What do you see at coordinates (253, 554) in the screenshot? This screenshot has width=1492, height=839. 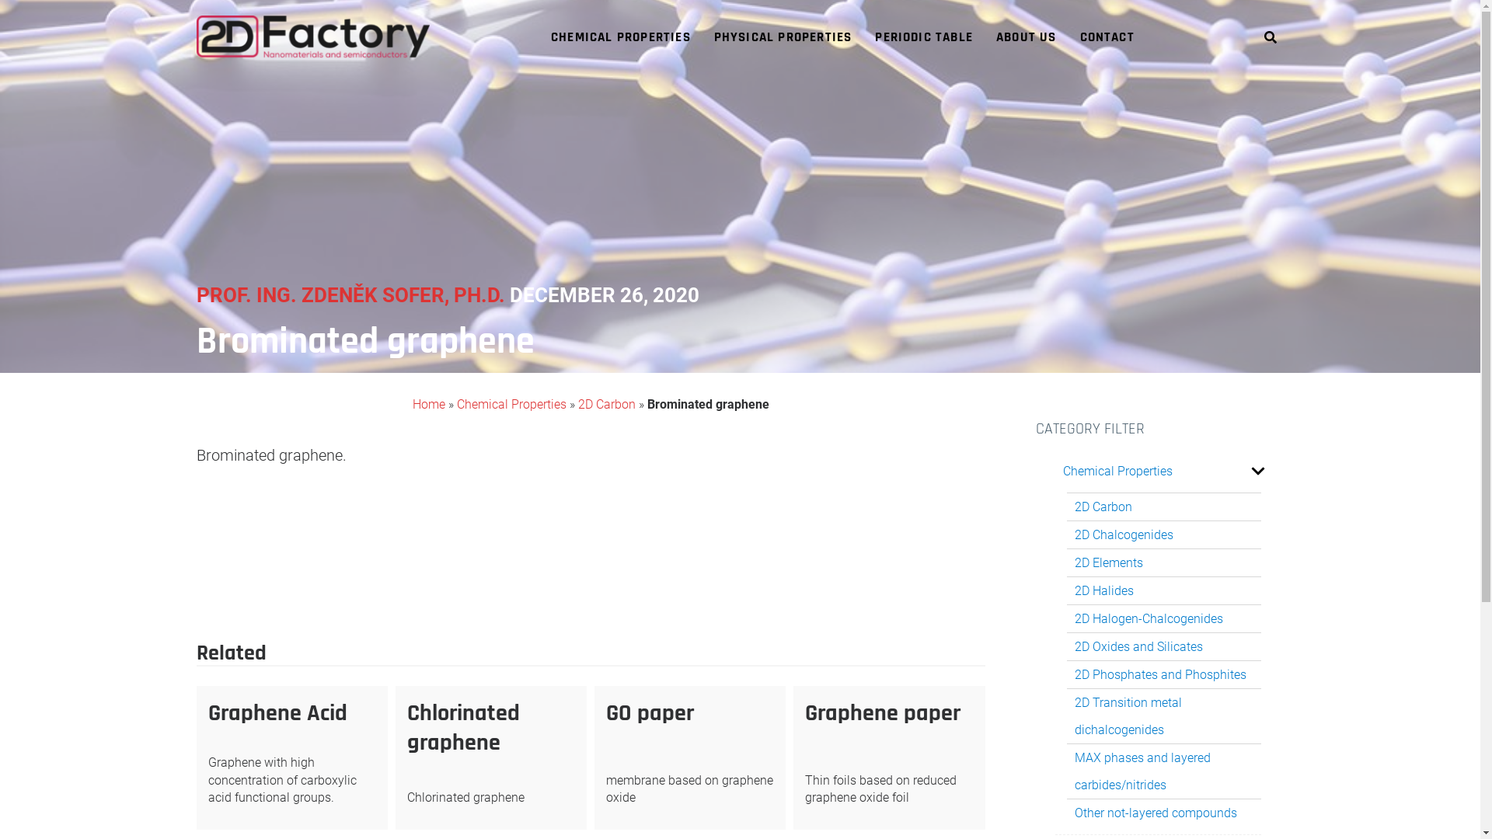 I see `'2D Carbon'` at bounding box center [253, 554].